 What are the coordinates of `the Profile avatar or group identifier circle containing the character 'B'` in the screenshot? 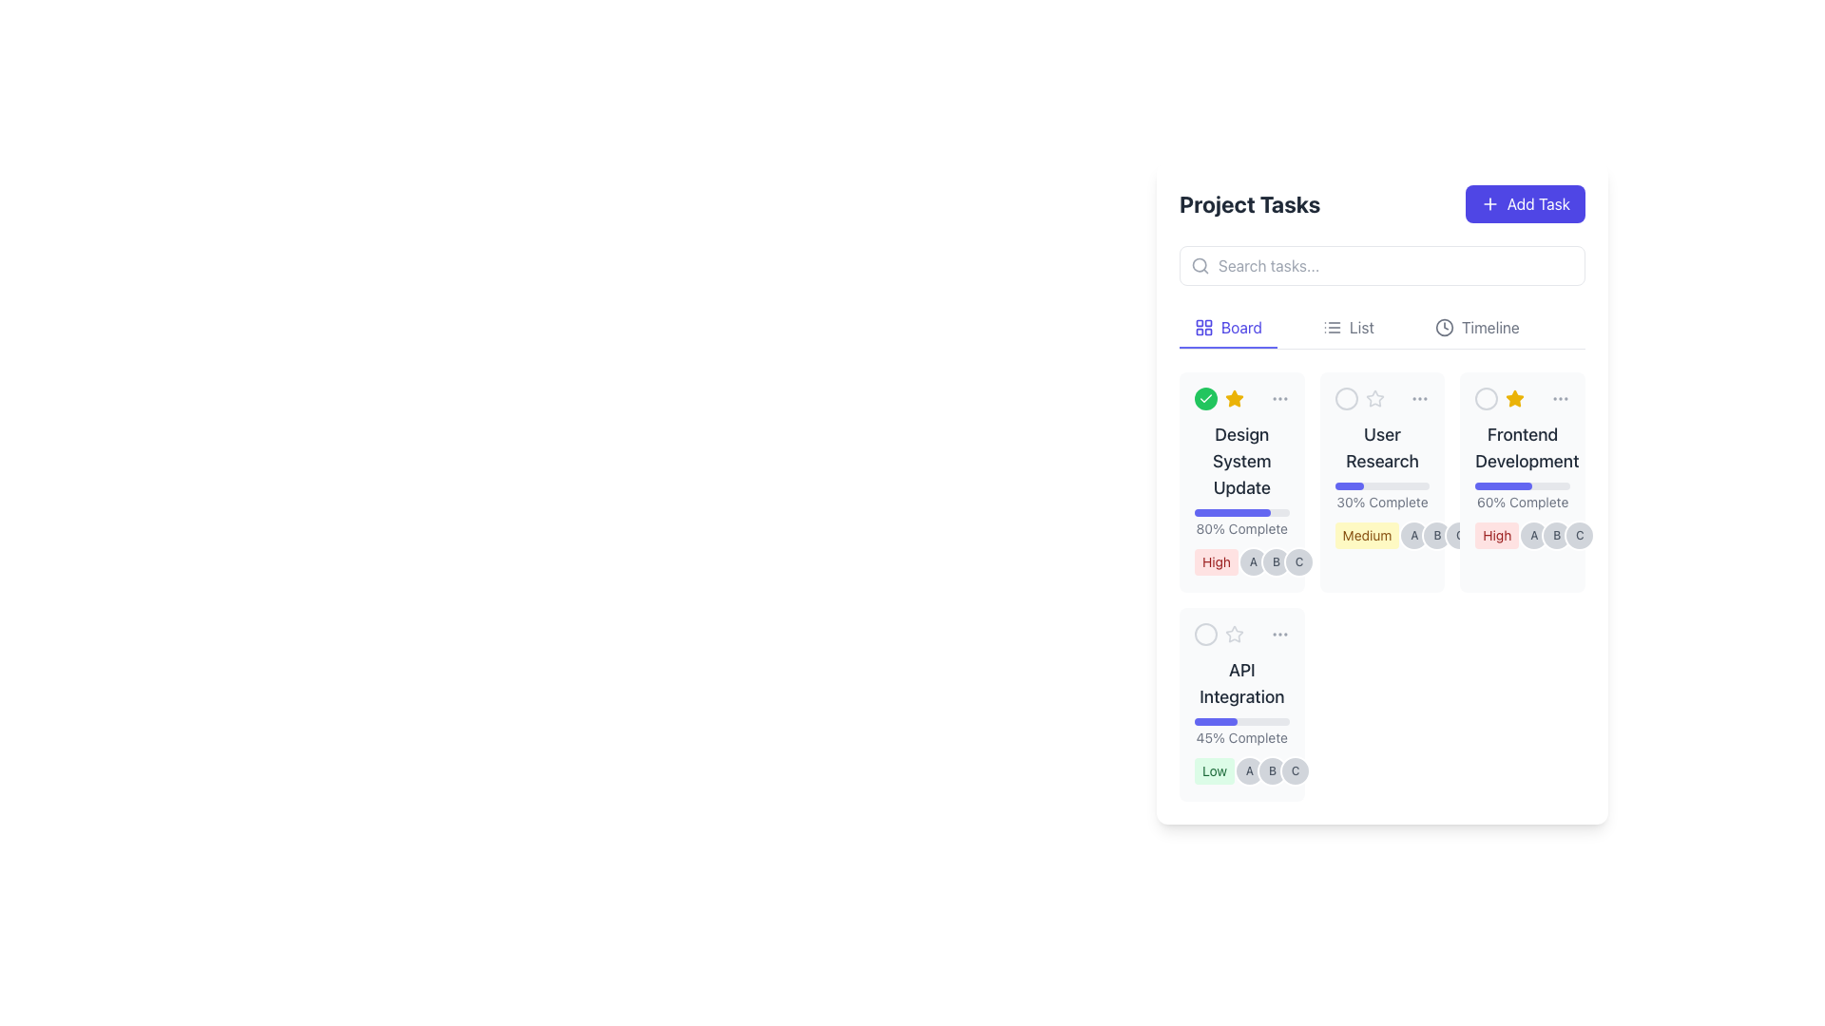 It's located at (1273, 771).